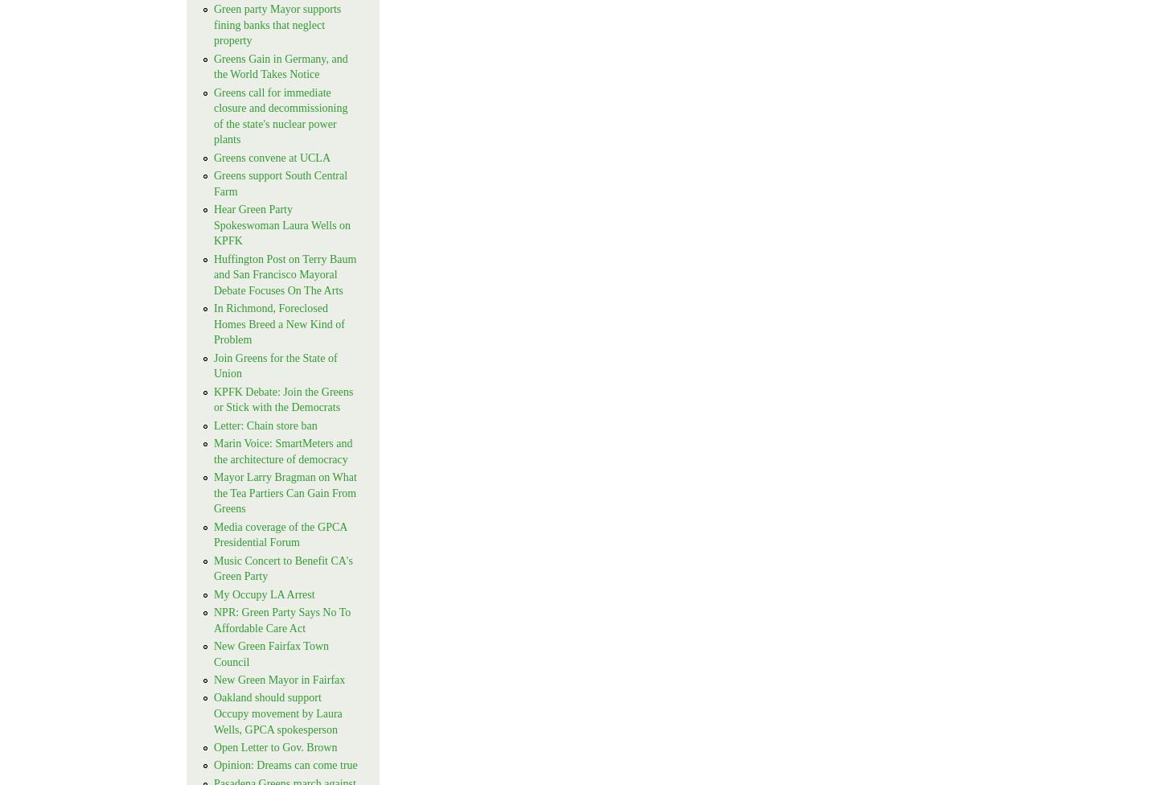 Image resolution: width=1158 pixels, height=785 pixels. I want to click on 'Marin Voice: SmartMeters and the architecture of democracy', so click(212, 451).